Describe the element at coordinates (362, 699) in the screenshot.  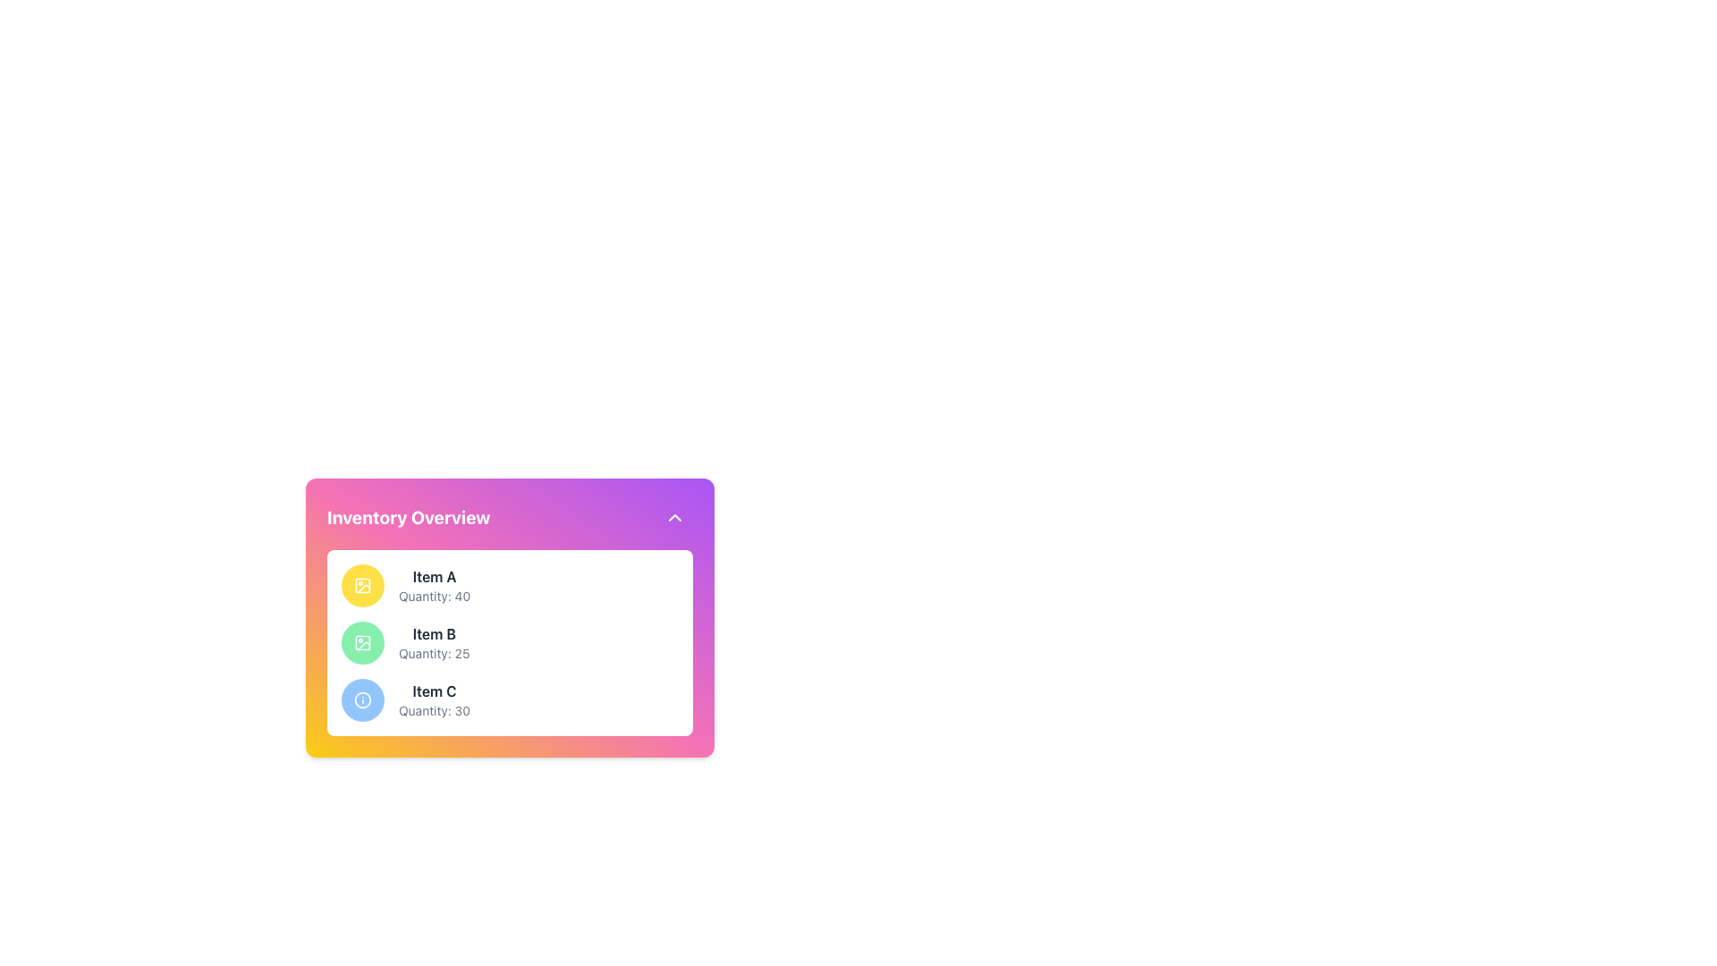
I see `the icon representing 'Item C' located in the Inventory Overview section` at that location.